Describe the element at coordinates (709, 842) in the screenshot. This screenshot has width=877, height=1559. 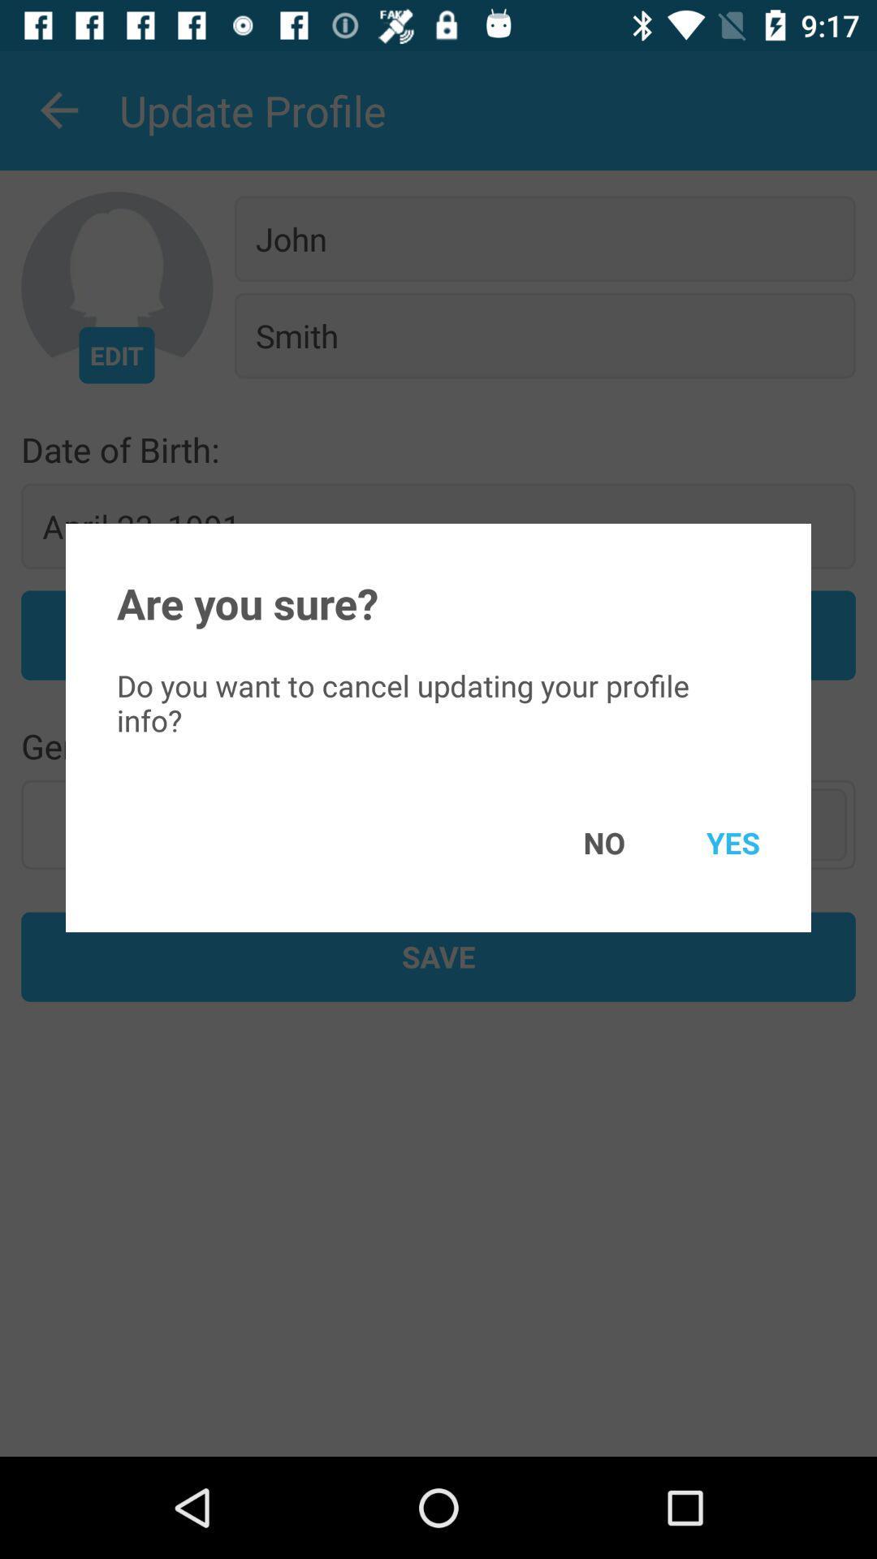
I see `the icon on the right` at that location.